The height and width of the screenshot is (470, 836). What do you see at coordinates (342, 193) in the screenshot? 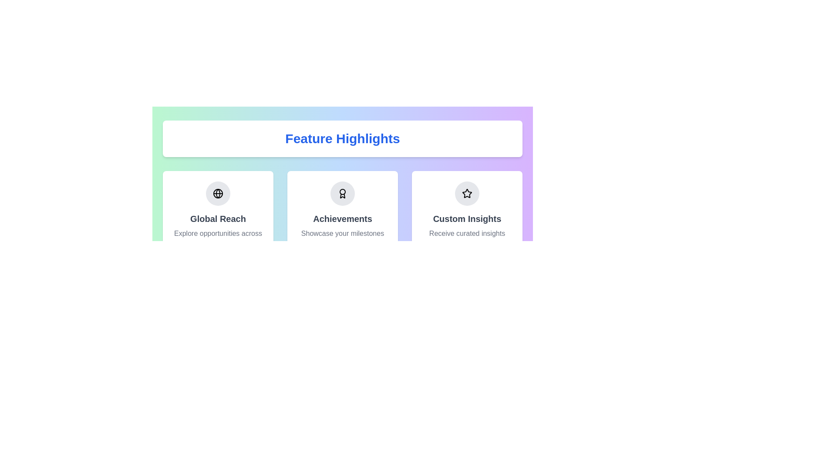
I see `the award ribbon icon located centrally within the 'Achievements' card, which is the second of three horizontally arranged feature cards under the 'Feature Highlights' section` at bounding box center [342, 193].